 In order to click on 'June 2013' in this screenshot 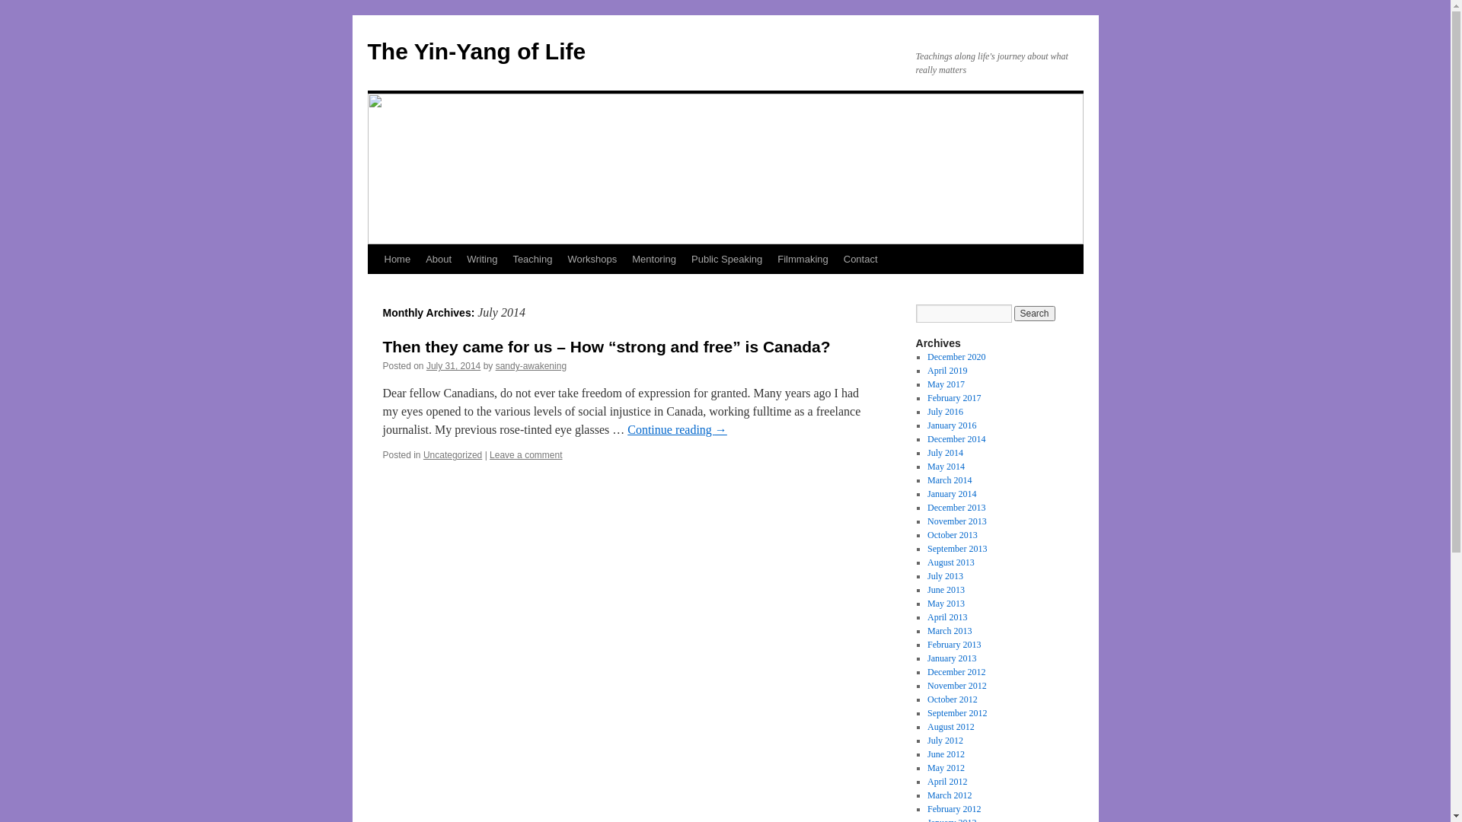, I will do `click(945, 589)`.